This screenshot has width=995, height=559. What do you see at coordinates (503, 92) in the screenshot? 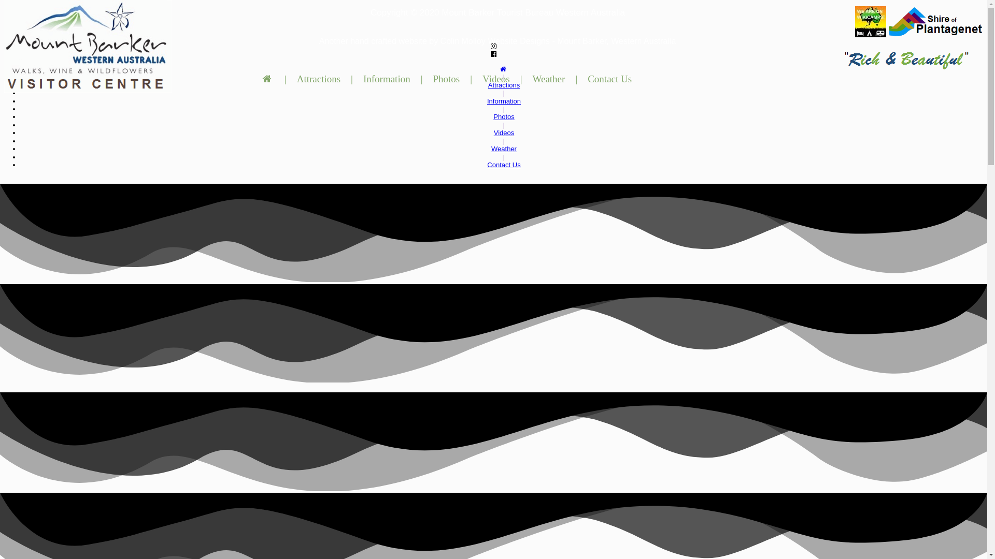
I see `'|'` at bounding box center [503, 92].